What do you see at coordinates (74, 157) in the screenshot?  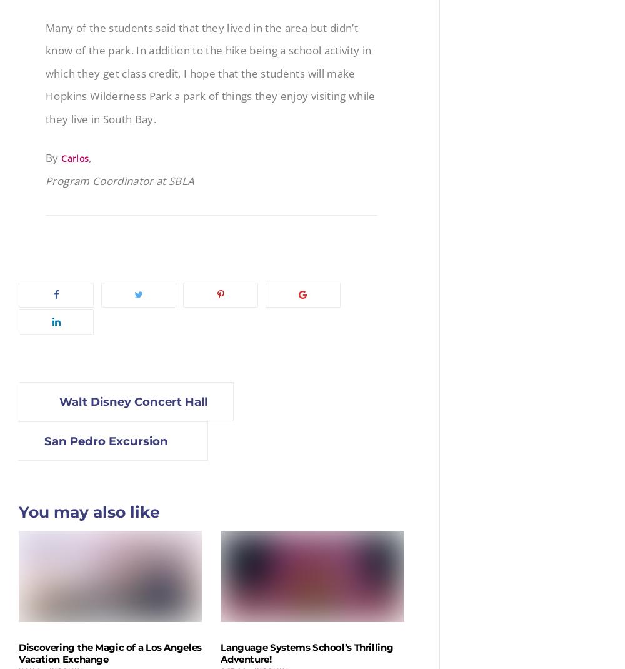 I see `'Carlos'` at bounding box center [74, 157].